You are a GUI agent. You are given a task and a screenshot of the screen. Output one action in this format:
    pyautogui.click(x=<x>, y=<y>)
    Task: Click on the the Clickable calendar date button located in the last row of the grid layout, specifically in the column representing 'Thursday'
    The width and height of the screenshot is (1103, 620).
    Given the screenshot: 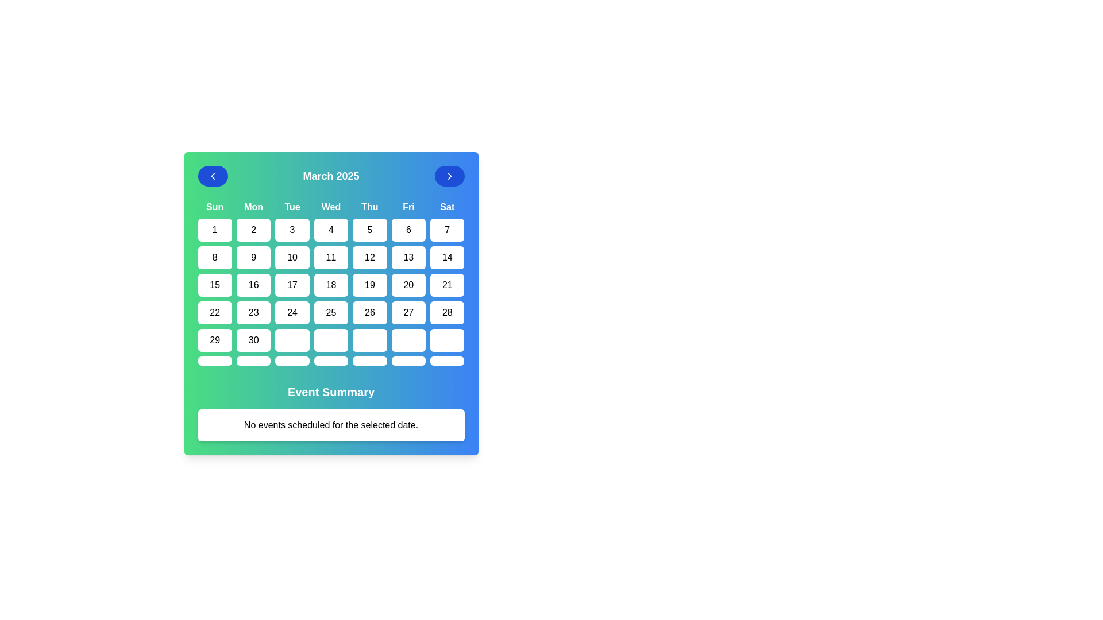 What is the action you would take?
    pyautogui.click(x=369, y=360)
    